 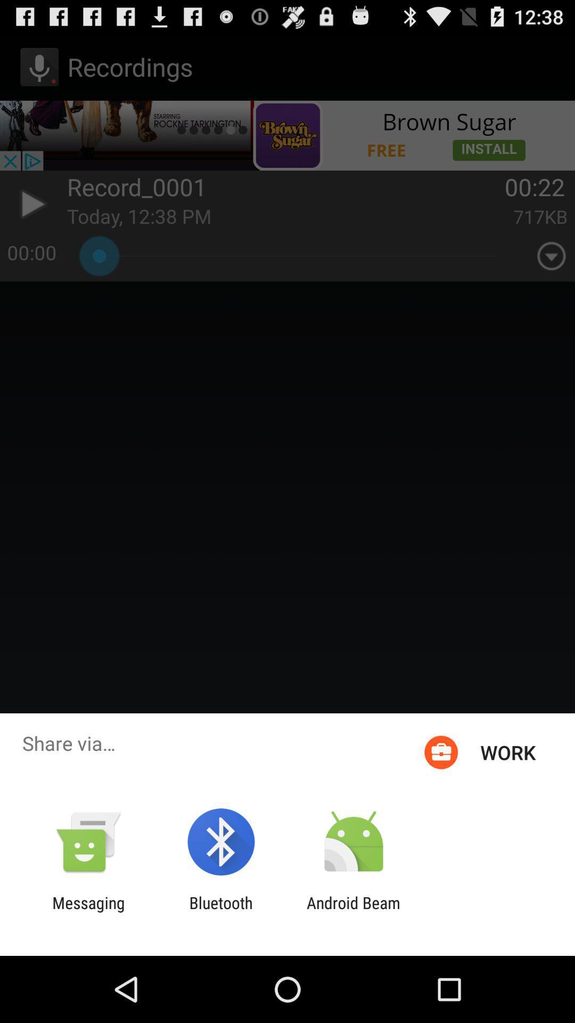 I want to click on the item to the left of the bluetooth, so click(x=88, y=912).